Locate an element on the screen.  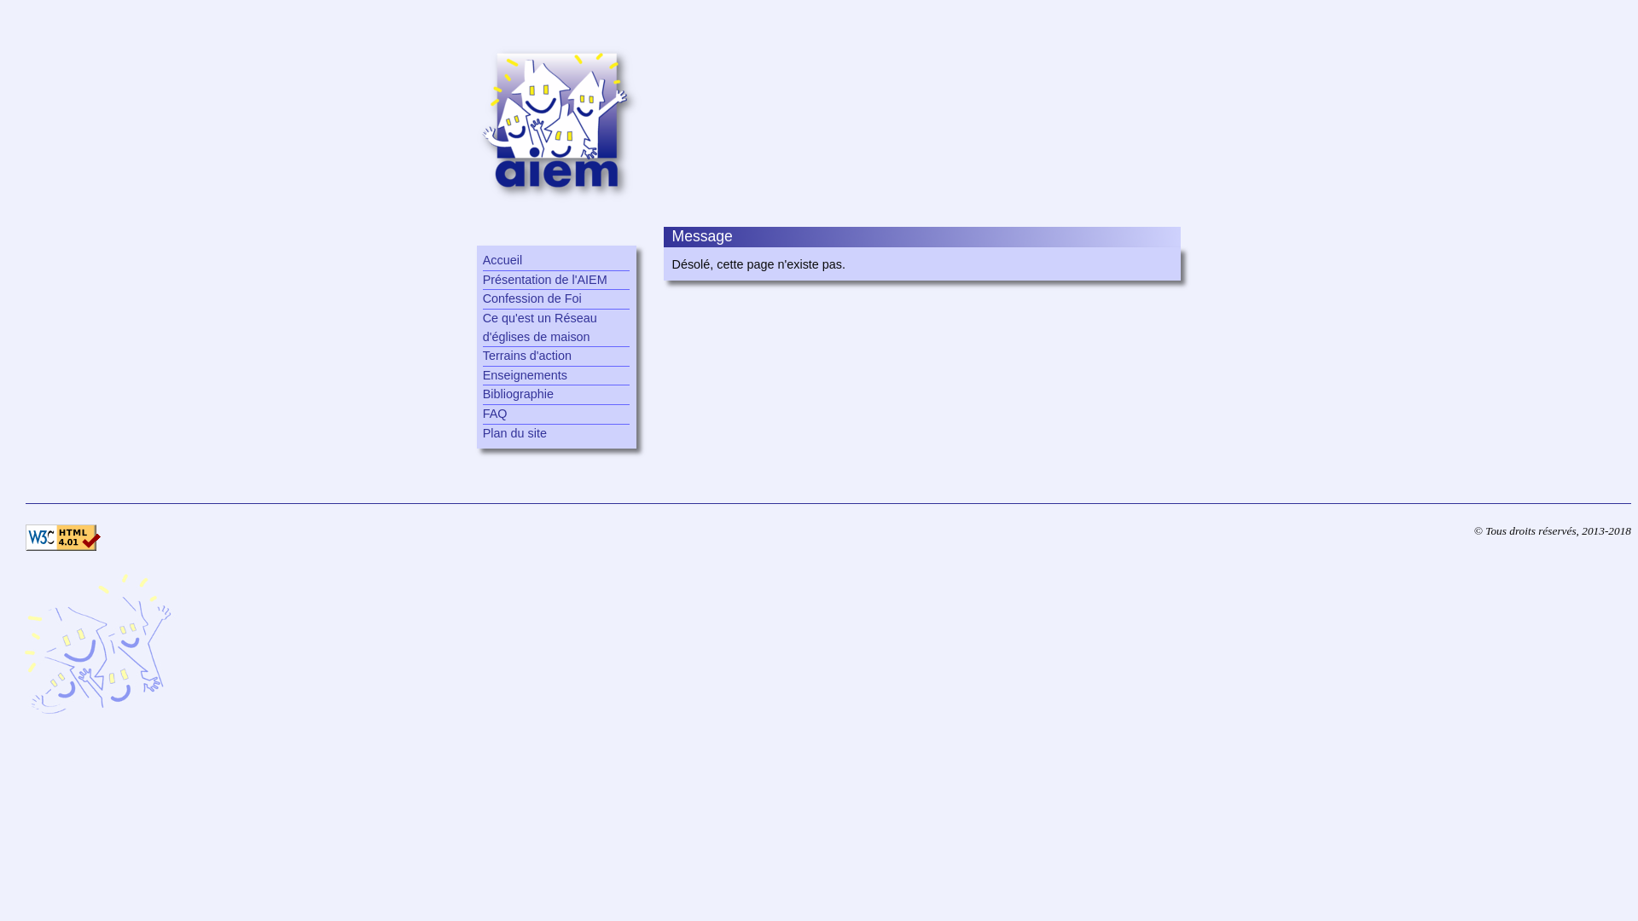
'Confession de Foi' is located at coordinates (556, 298).